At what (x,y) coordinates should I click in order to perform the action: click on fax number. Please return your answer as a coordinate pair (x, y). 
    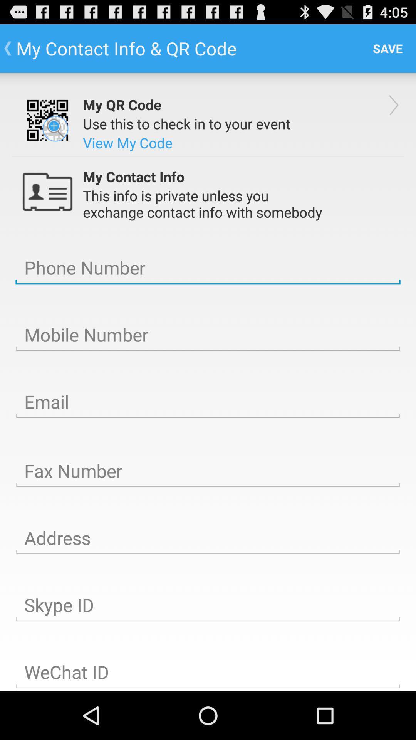
    Looking at the image, I should click on (208, 471).